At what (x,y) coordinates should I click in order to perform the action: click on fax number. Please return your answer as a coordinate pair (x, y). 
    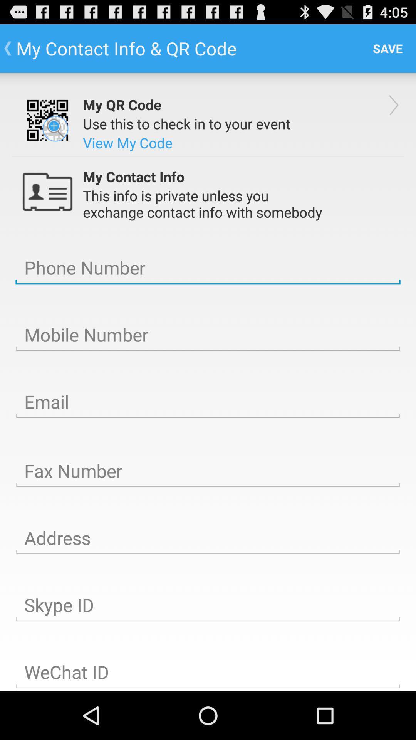
    Looking at the image, I should click on (208, 471).